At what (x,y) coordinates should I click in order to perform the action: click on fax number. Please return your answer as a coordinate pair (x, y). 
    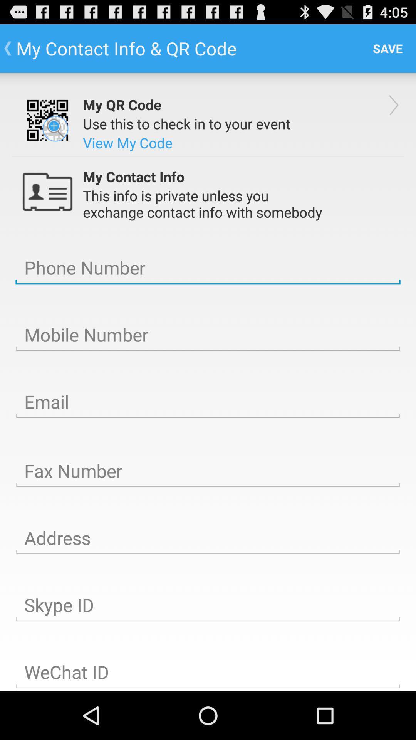
    Looking at the image, I should click on (208, 471).